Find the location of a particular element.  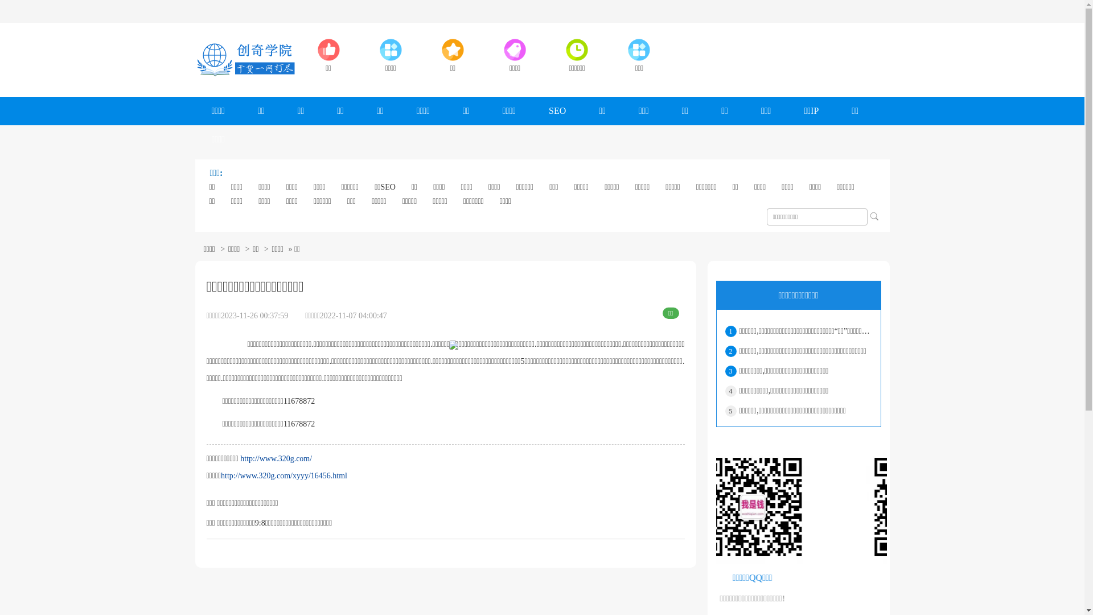

'http://www.320g.com/xyyy/16456.html' is located at coordinates (221, 475).